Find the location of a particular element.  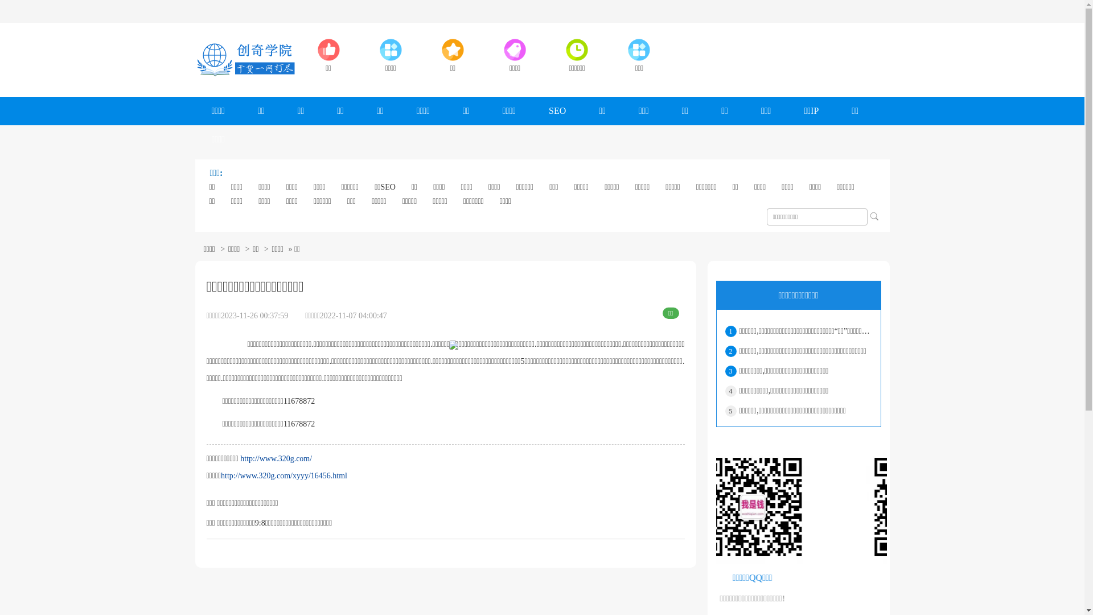

'http://www.320g.com/xyyy/16456.html' is located at coordinates (221, 475).